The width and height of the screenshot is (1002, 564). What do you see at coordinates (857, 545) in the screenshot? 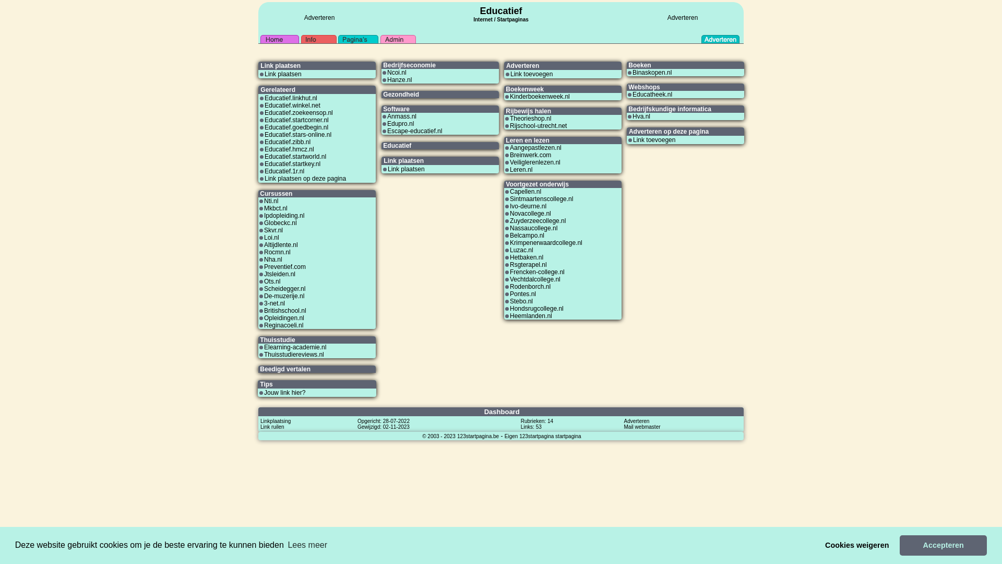
I see `'Cookies weigeren'` at bounding box center [857, 545].